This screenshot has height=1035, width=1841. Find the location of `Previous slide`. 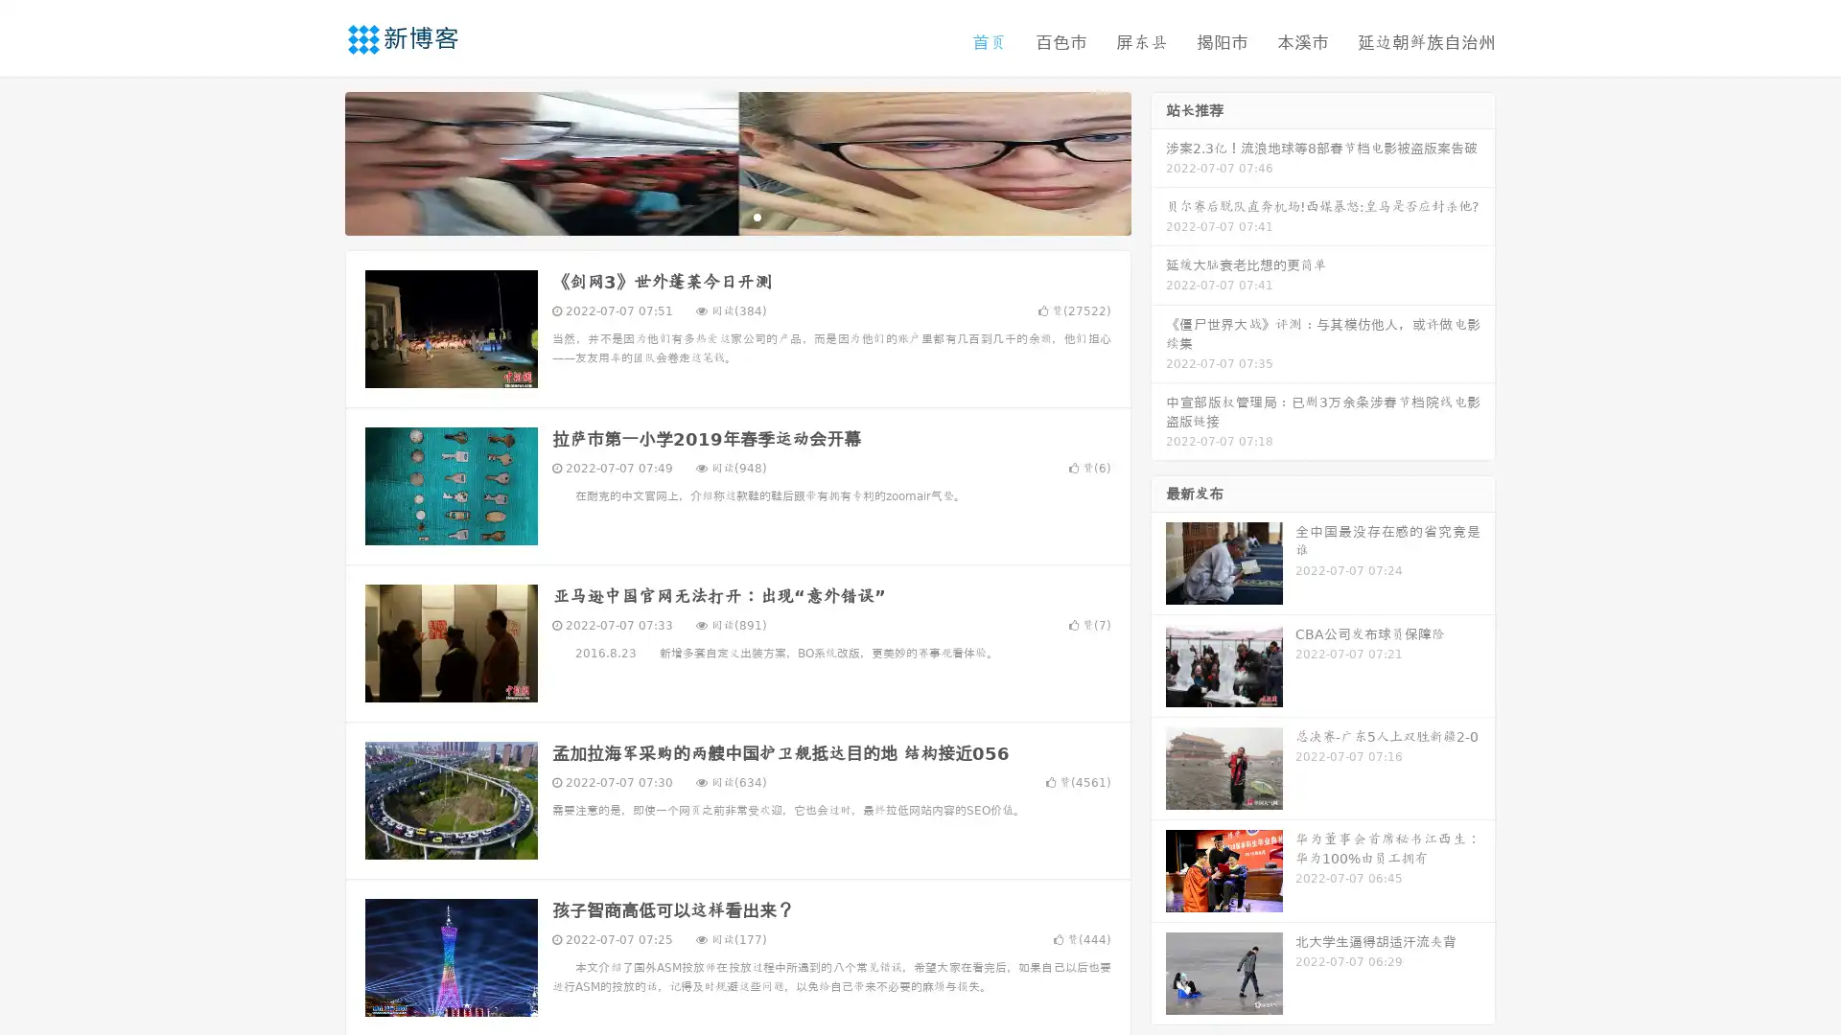

Previous slide is located at coordinates (316, 161).